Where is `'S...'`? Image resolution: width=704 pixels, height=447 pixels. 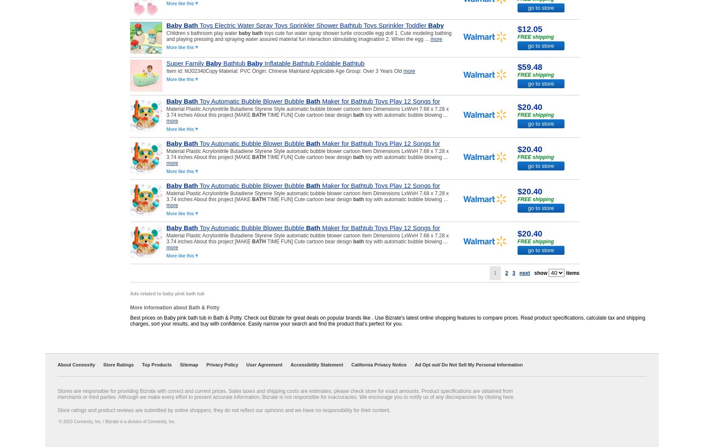
'S...' is located at coordinates (186, 32).